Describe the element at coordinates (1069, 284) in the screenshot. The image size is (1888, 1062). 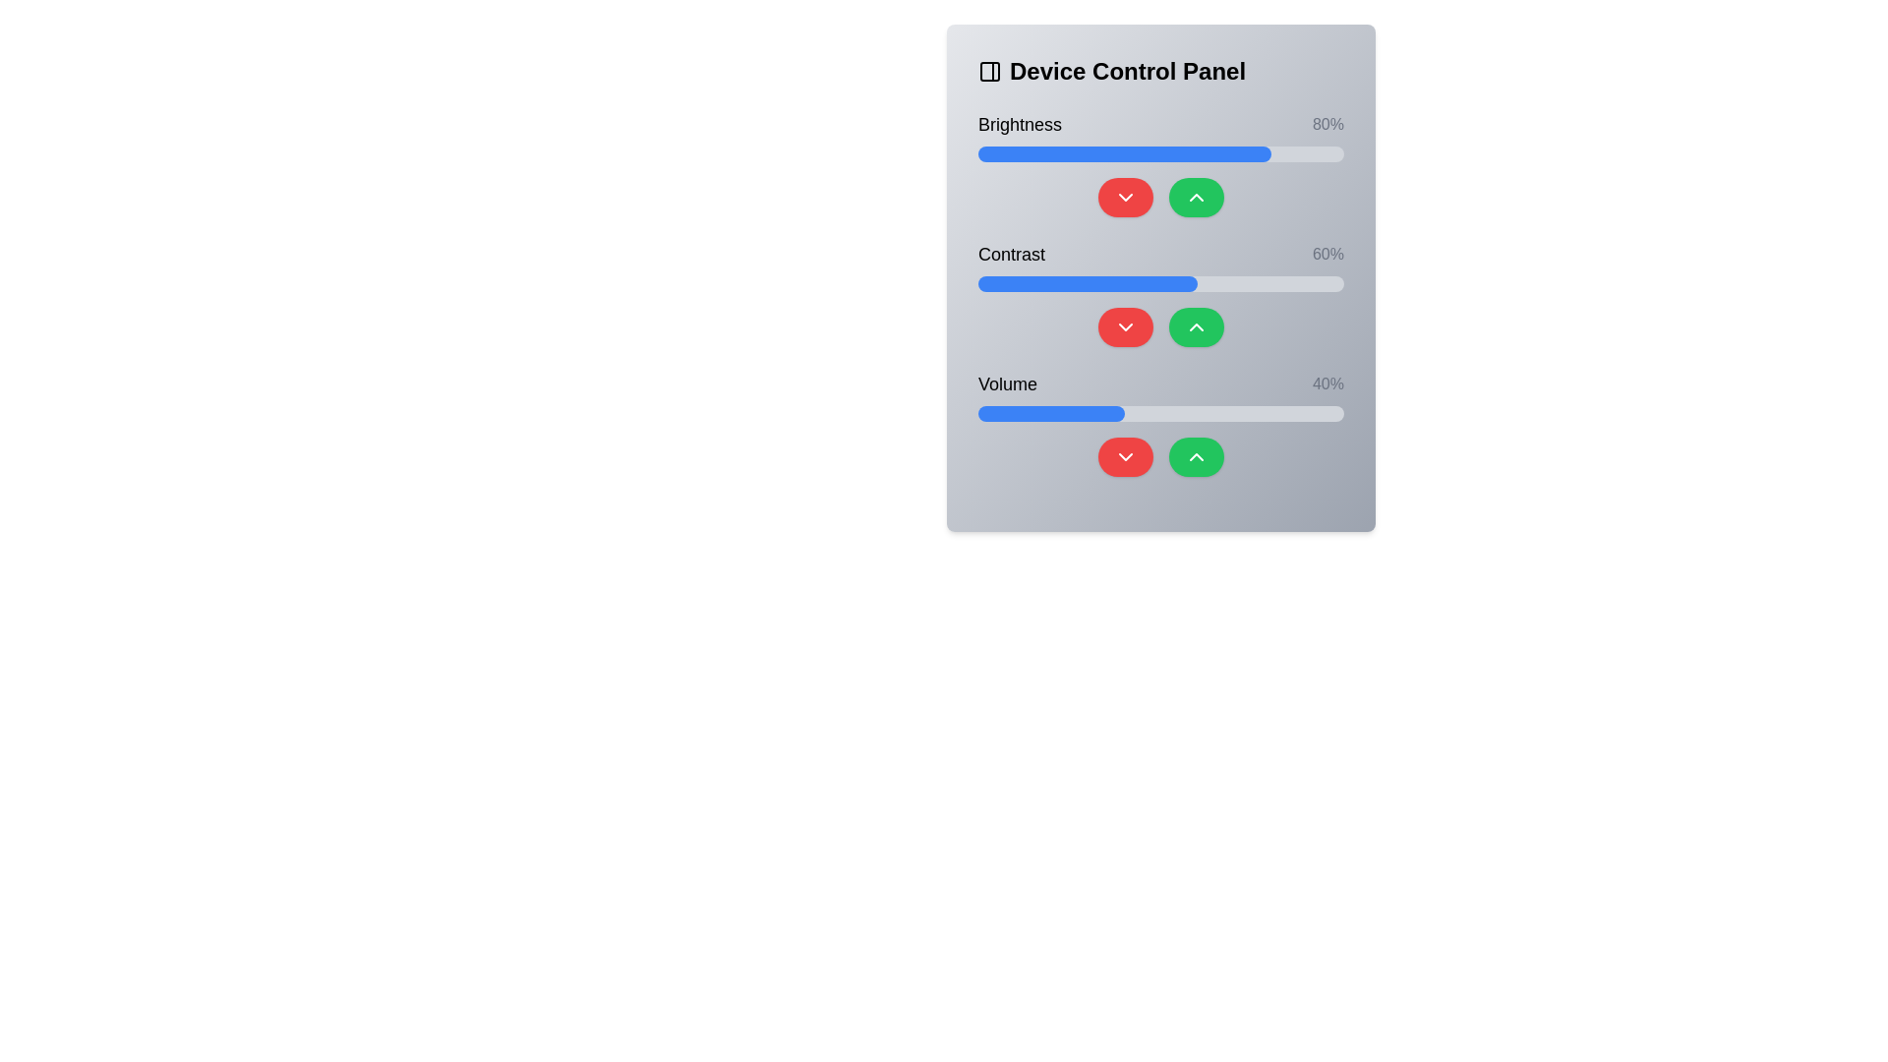
I see `the contrast` at that location.